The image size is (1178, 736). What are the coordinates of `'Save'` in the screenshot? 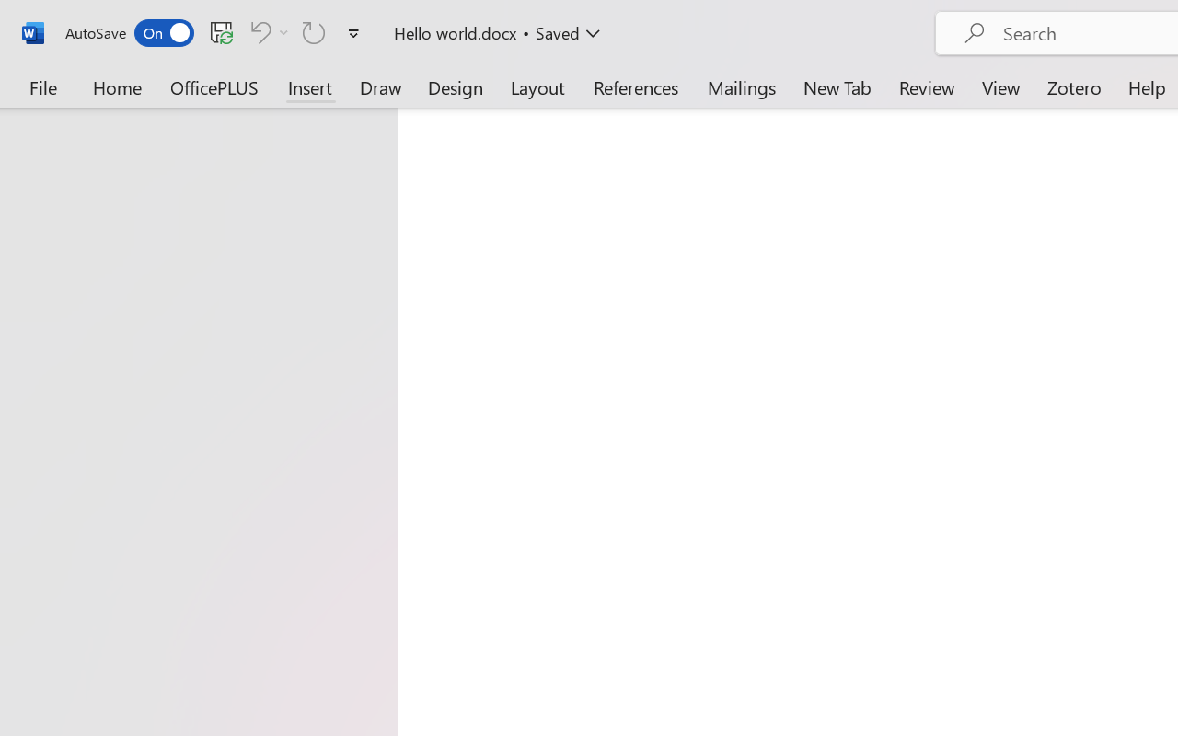 It's located at (221, 31).